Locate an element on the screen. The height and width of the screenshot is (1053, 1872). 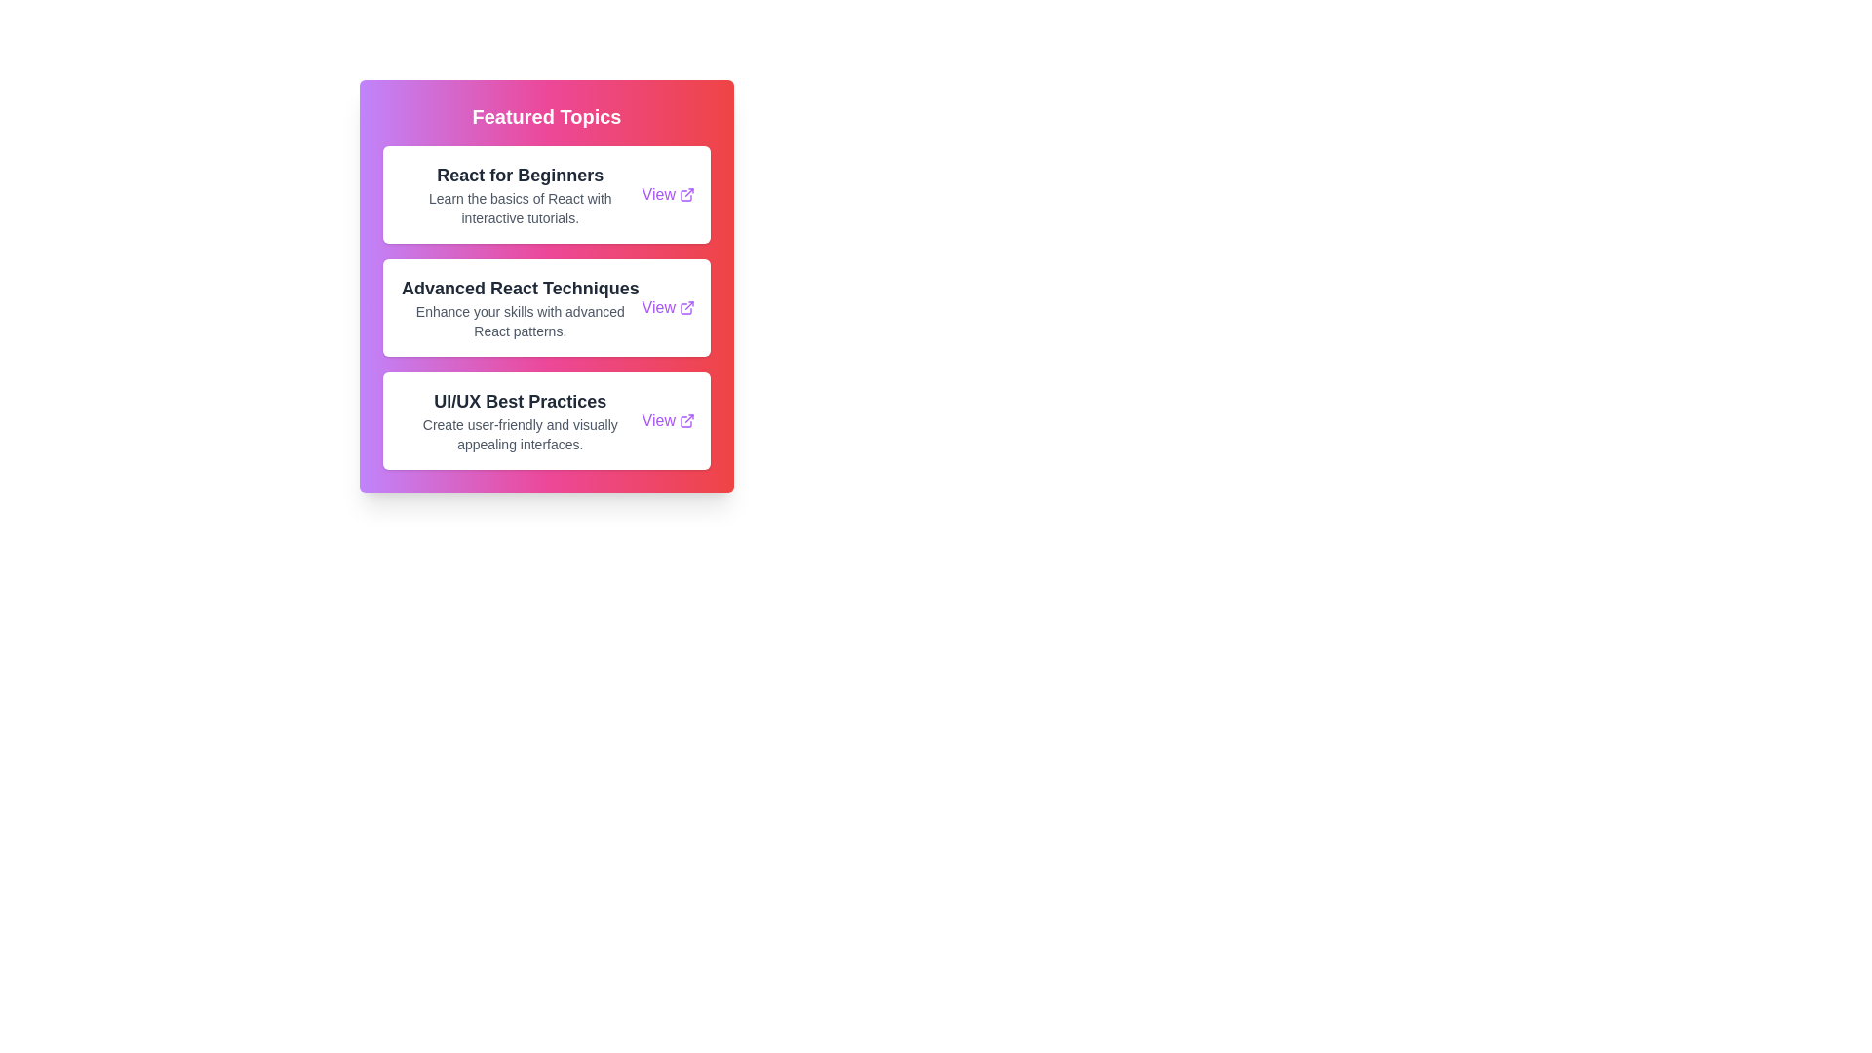
the Text Label displaying 'Enhance your skills with advanced React patterns.' which is styled in gray and located beneath the heading 'Advanced React Techniques.' is located at coordinates (520, 321).